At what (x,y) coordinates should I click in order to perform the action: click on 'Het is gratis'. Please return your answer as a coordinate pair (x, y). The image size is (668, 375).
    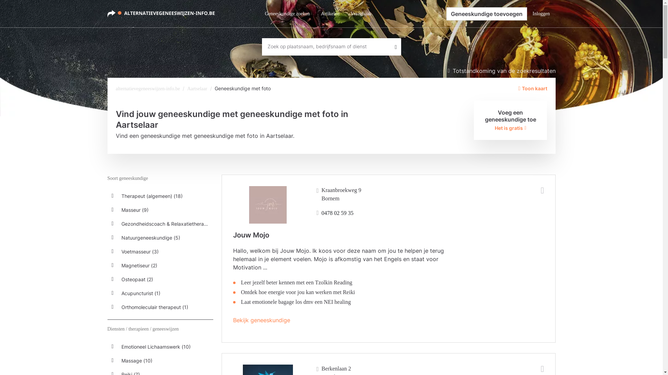
    Looking at the image, I should click on (510, 128).